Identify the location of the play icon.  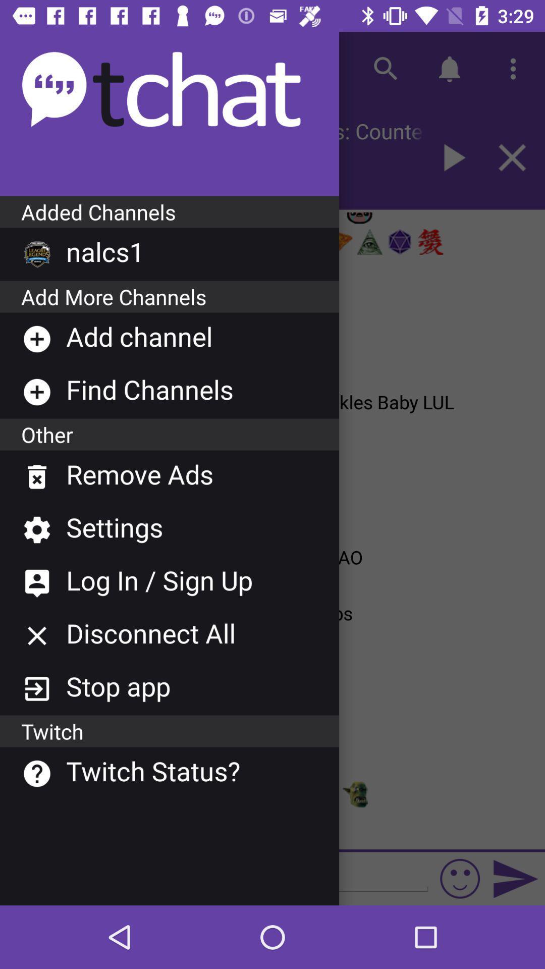
(451, 157).